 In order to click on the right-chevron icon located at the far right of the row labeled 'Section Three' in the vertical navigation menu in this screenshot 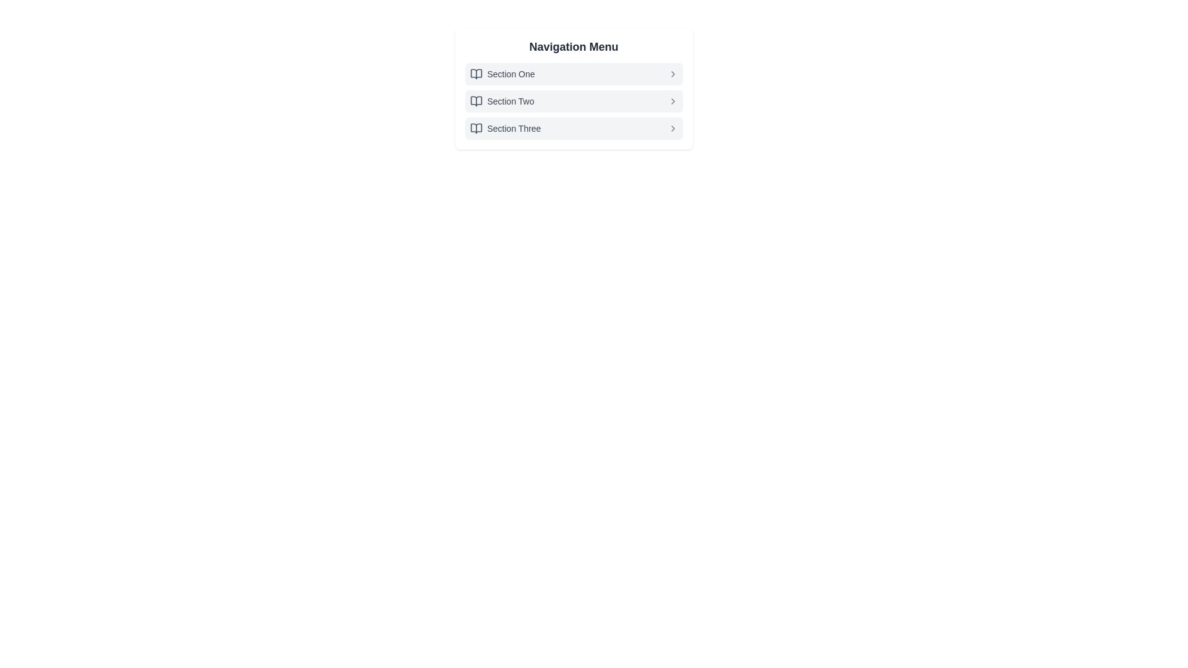, I will do `click(672, 129)`.